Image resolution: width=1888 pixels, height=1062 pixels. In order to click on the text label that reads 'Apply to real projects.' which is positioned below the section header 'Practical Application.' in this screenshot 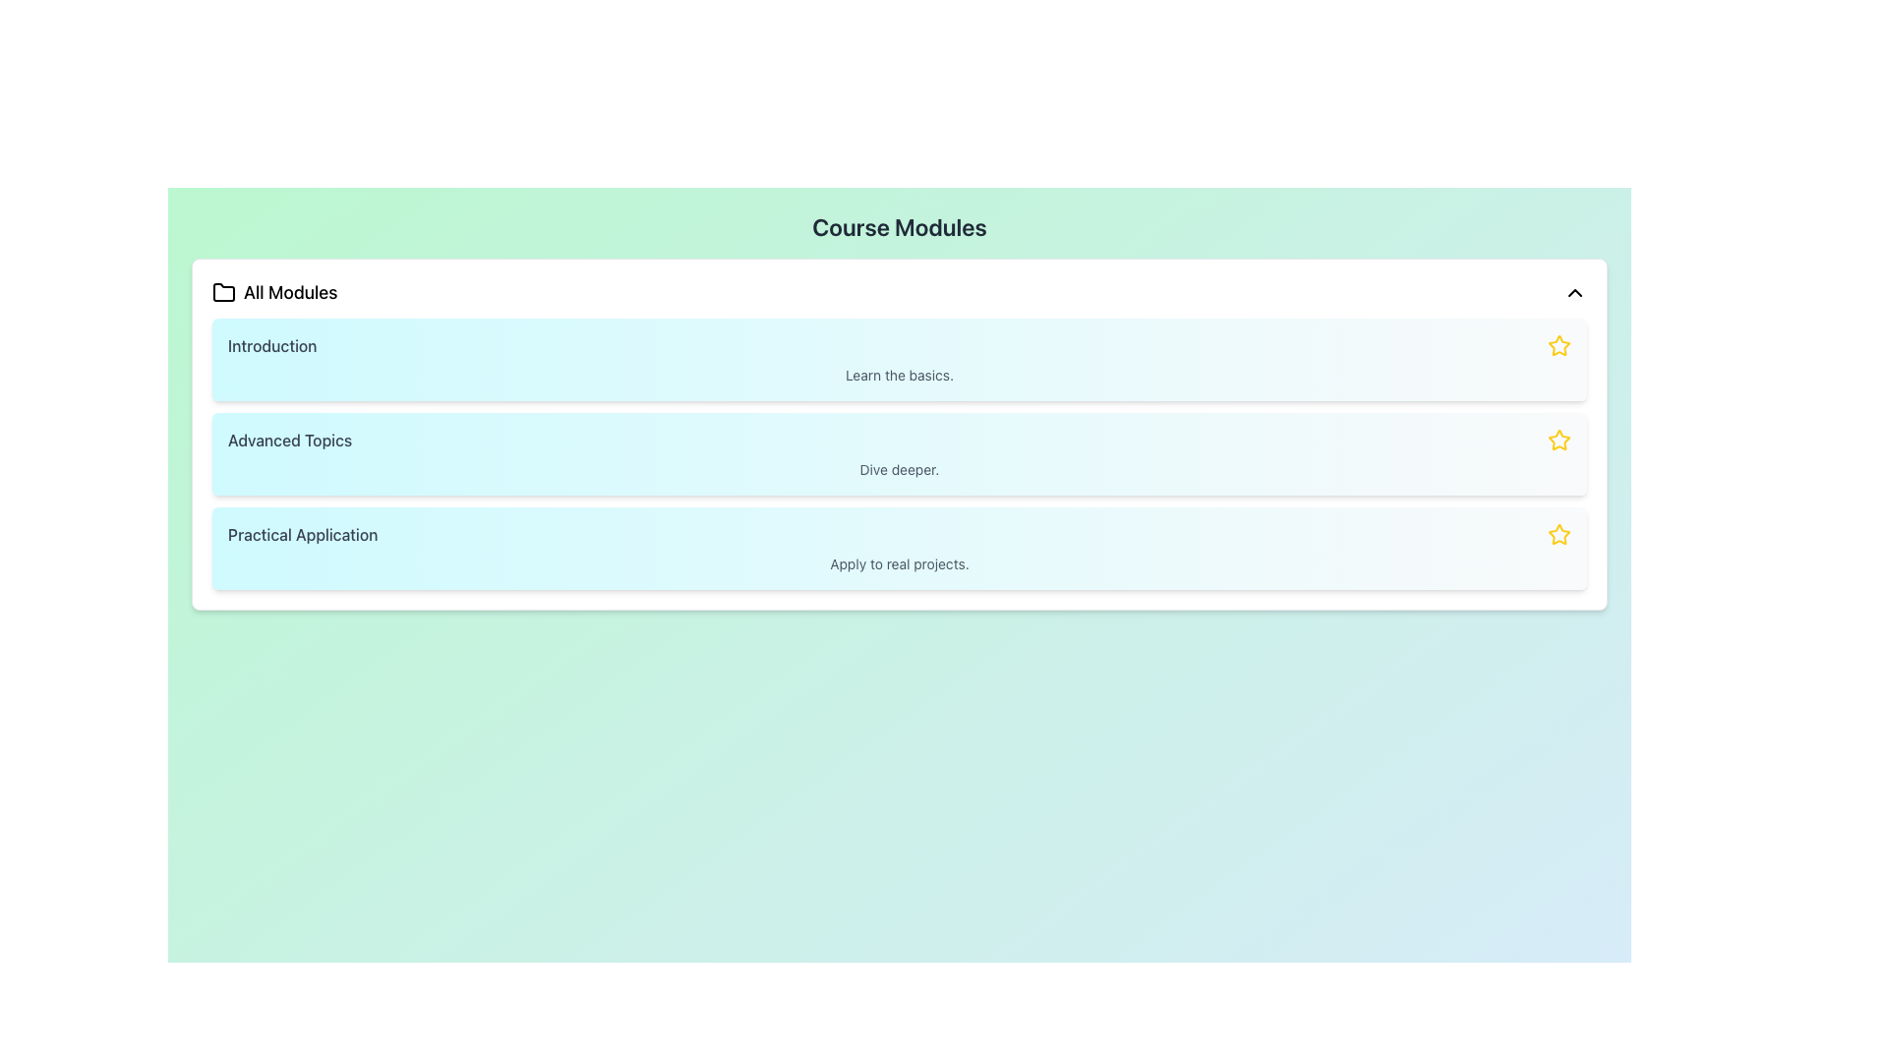, I will do `click(899, 564)`.